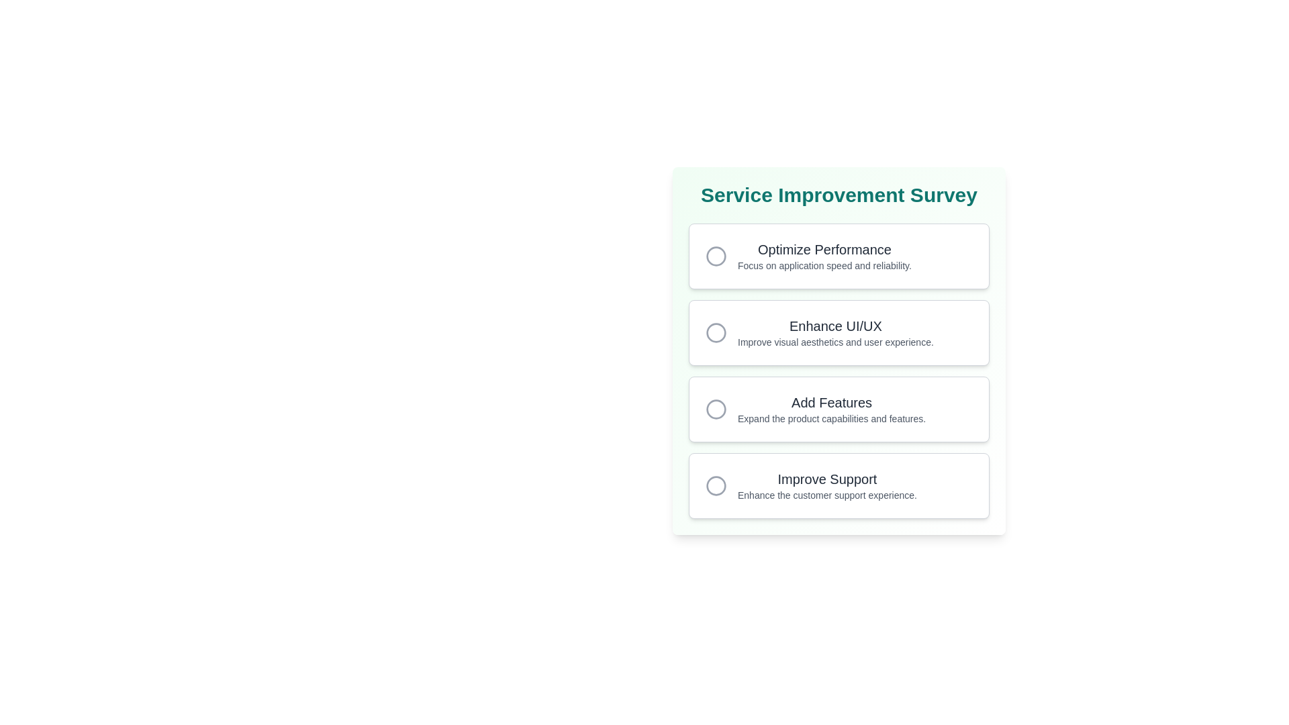 The height and width of the screenshot is (725, 1289). What do you see at coordinates (834, 341) in the screenshot?
I see `the text label that reads 'Improve visual aesthetics and user experience.' located below the heading 'Enhance UI/UX' in the 'Service Improvement Survey' panel` at bounding box center [834, 341].